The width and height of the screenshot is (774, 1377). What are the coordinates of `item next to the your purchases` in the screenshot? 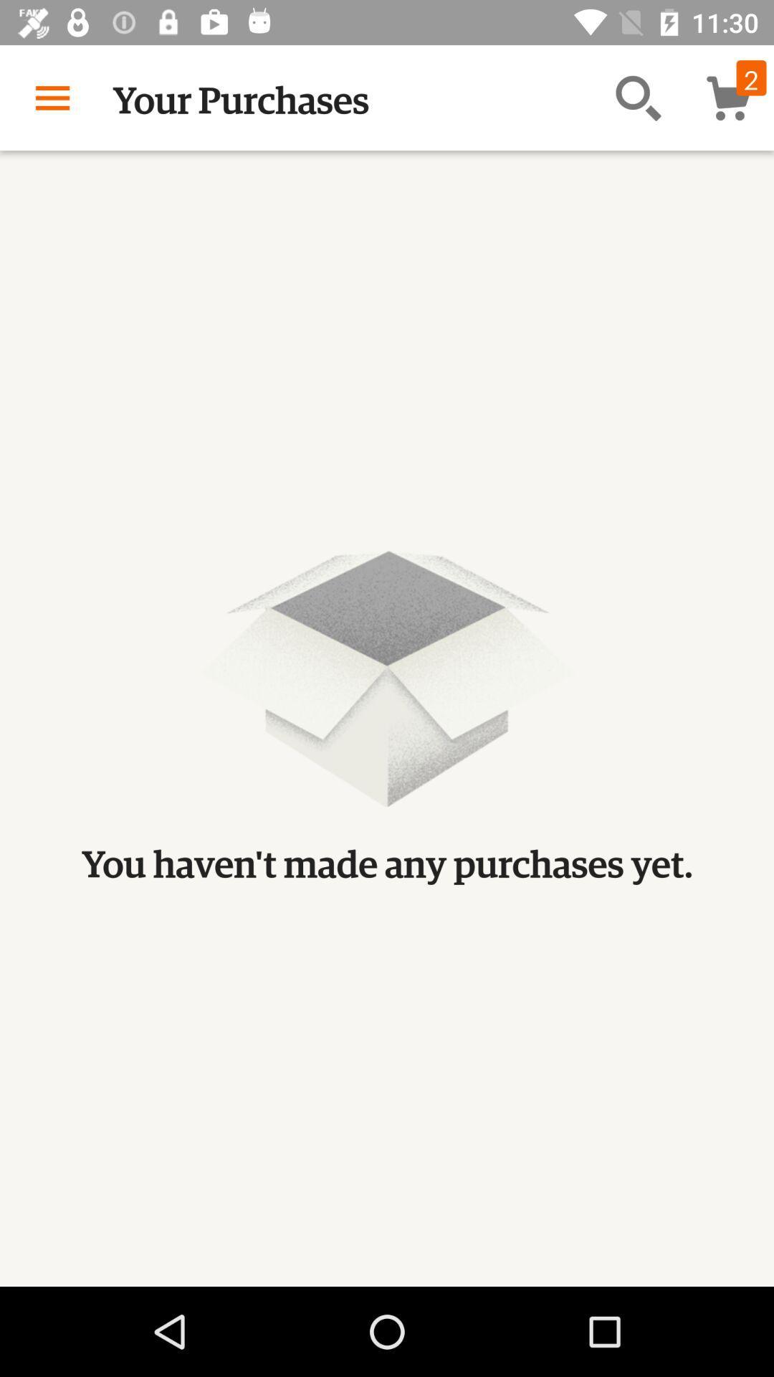 It's located at (52, 97).